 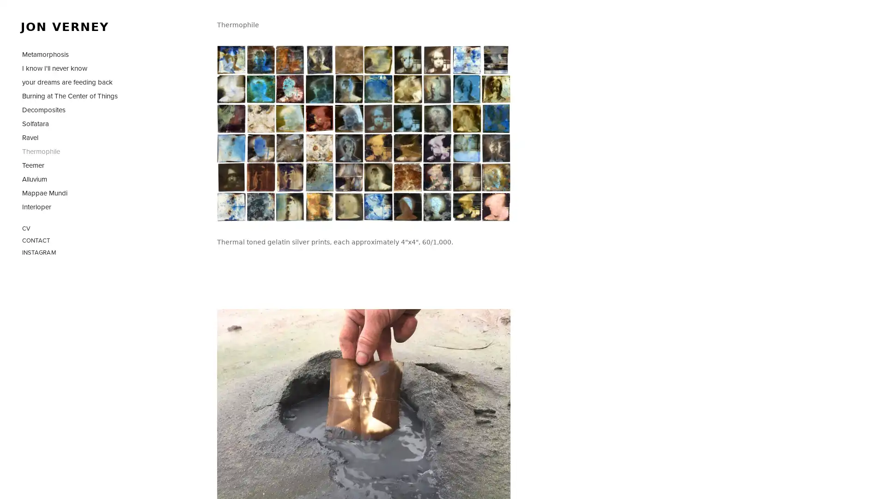 I want to click on View fullsize jon_verney_thermophile_62.jpg, so click(x=407, y=206).